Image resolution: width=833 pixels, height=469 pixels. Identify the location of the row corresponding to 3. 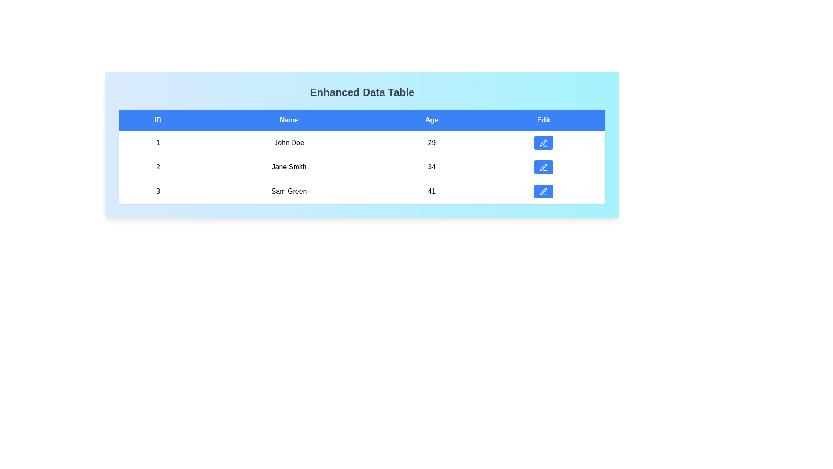
(362, 191).